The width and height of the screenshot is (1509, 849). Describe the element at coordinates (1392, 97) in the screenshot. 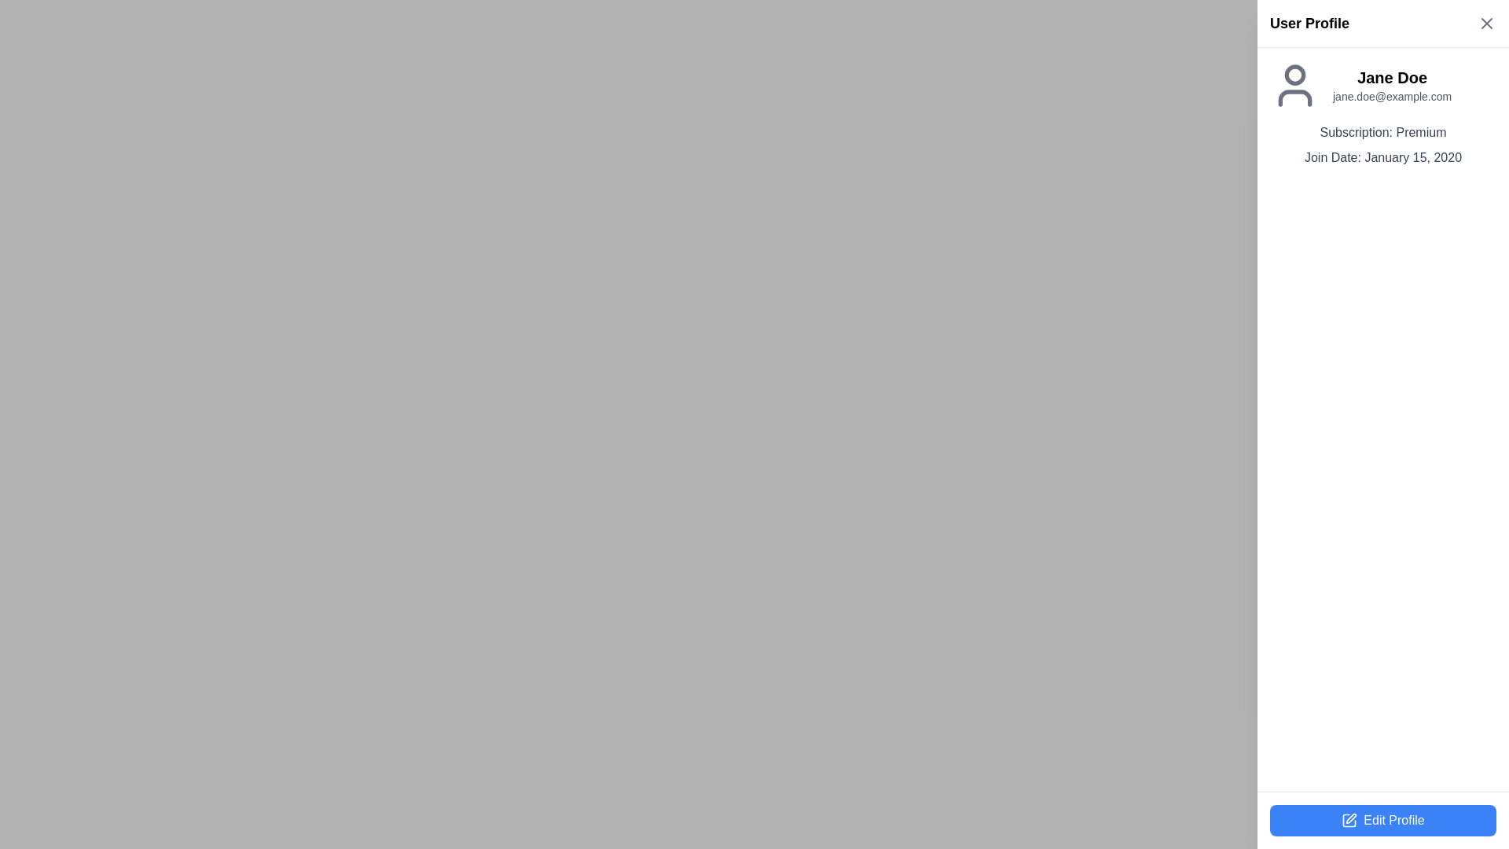

I see `the text label displaying the email address associated with the profile of 'Jane Doe' in the User Profile section` at that location.